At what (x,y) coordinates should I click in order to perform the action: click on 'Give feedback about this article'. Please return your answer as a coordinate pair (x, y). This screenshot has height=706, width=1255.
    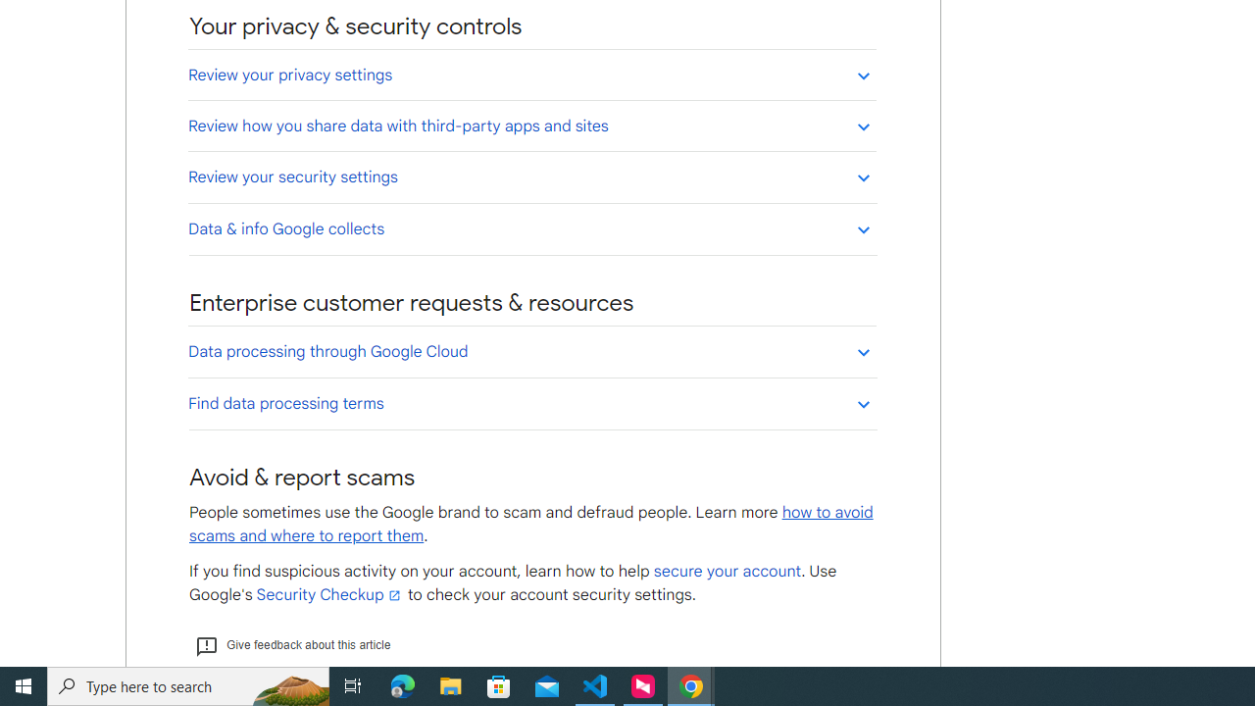
    Looking at the image, I should click on (291, 645).